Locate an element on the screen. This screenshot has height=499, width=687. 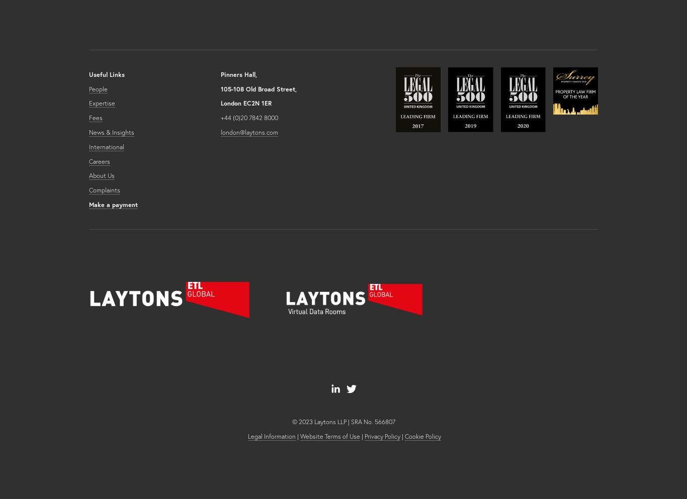
'Pinners Hall,' is located at coordinates (239, 73).